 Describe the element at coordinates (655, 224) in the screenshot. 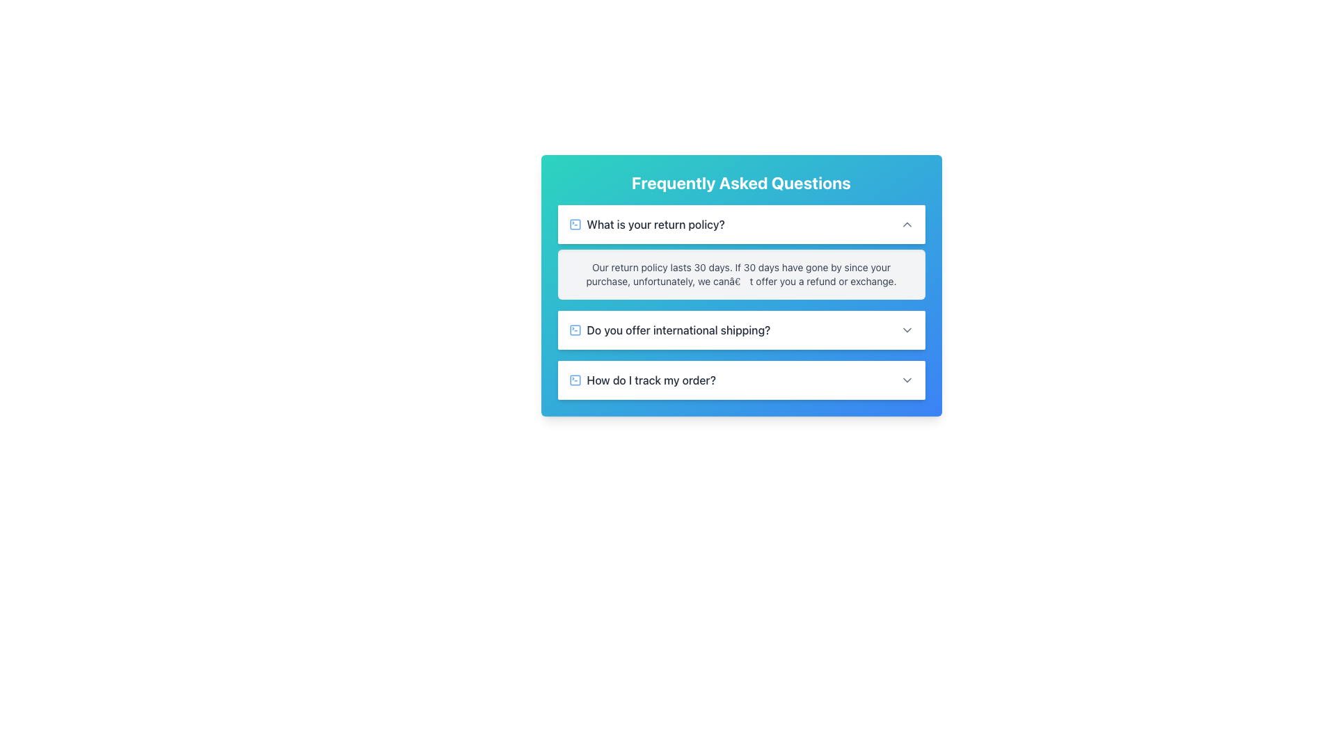

I see `the text element that reads 'What is your return policy?'` at that location.